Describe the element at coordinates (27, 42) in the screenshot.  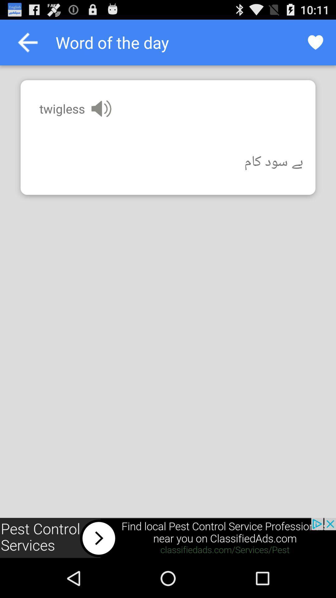
I see `go back` at that location.